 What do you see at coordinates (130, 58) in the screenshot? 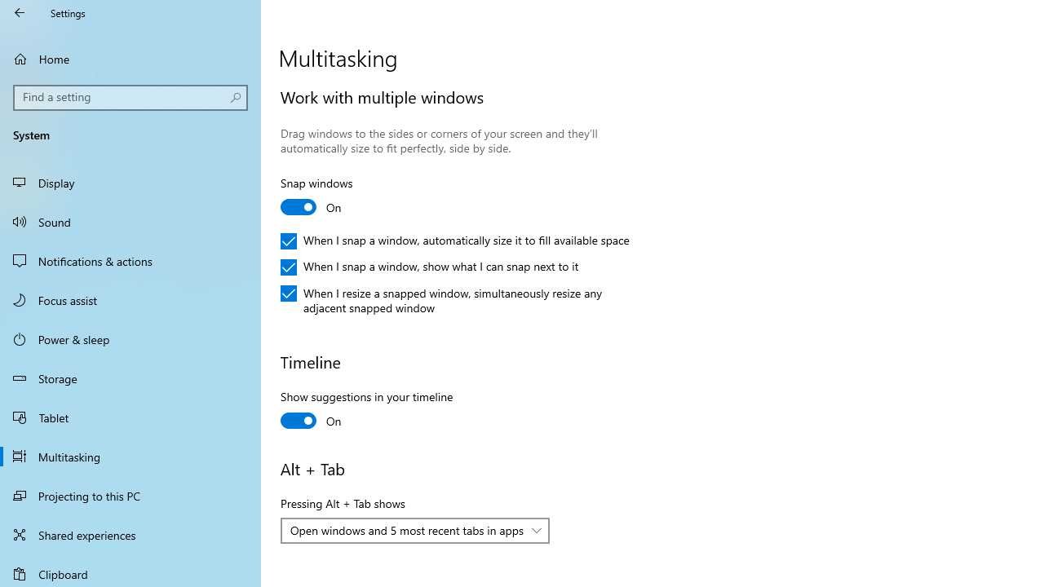
I see `'Home'` at bounding box center [130, 58].